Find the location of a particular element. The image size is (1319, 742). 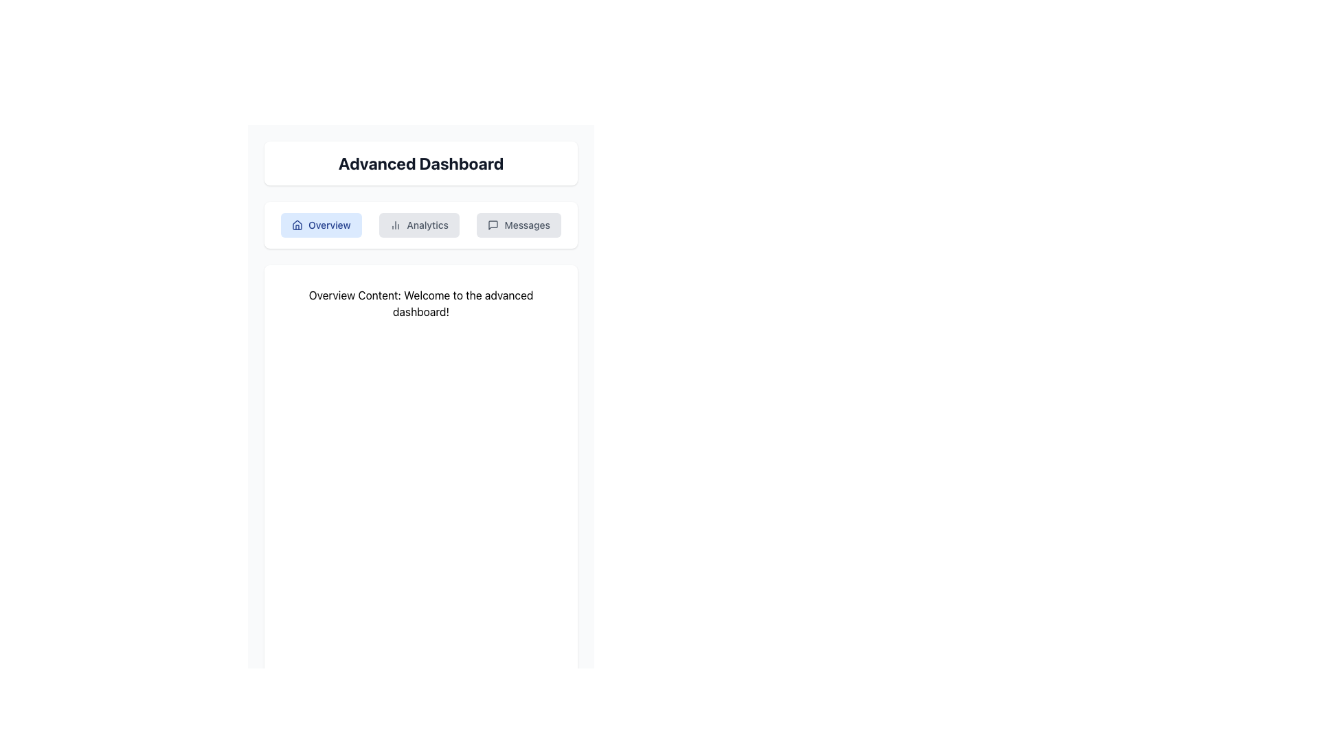

the second button in the horizontal group of three buttons, located beneath the title 'Advanced Dashboard' is located at coordinates (418, 224).